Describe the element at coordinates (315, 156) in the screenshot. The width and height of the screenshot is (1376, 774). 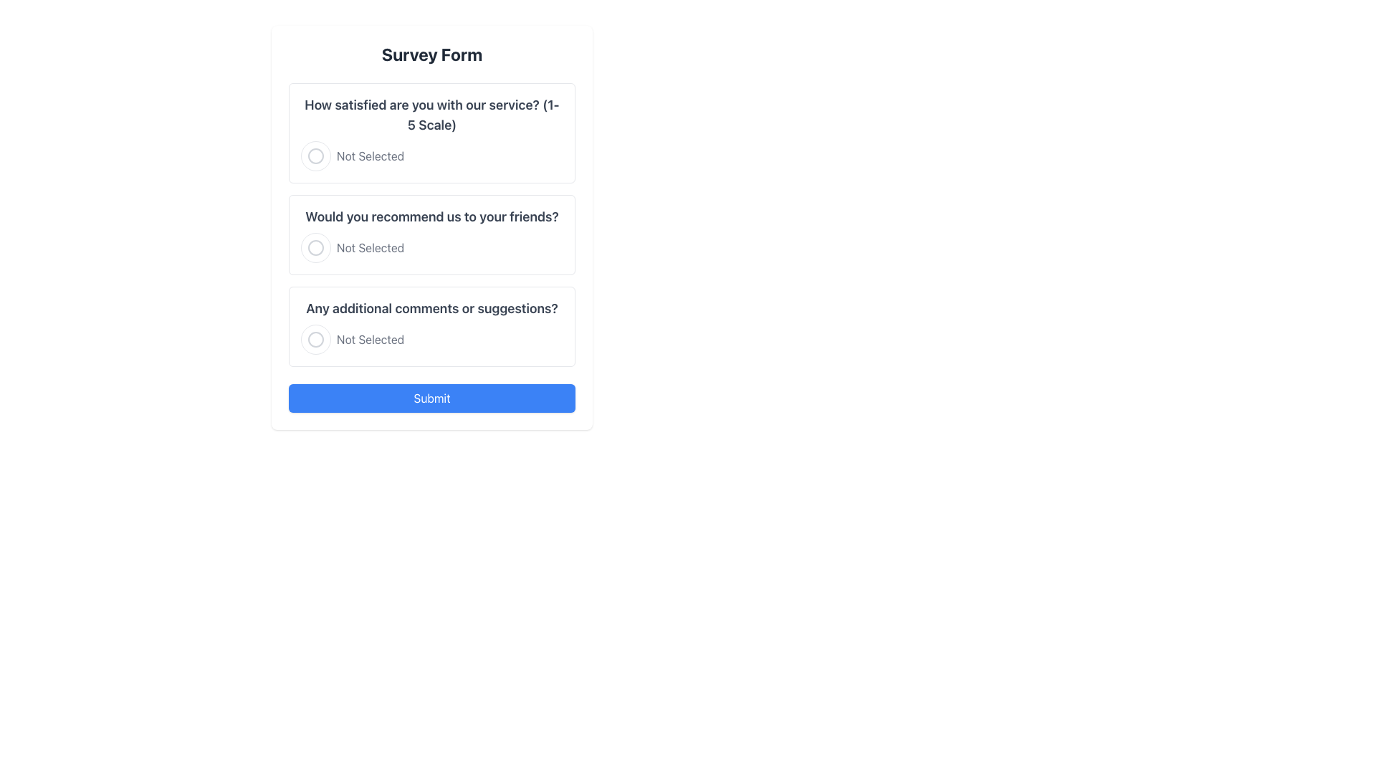
I see `the circular decorative graphic icon with a gray stroke located at the center of the clickable area in the first question of the survey form titled 'How satisfied are you with our service? (1-5 Scale)'` at that location.